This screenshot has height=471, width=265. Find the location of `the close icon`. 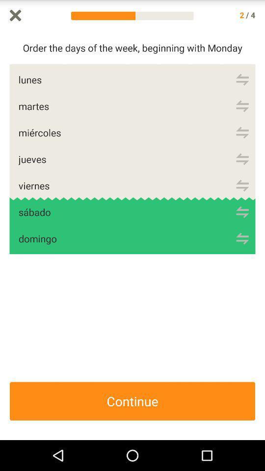

the close icon is located at coordinates (15, 16).